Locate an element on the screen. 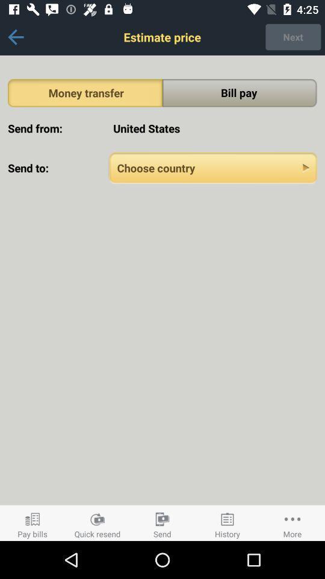 The image size is (325, 579). next item is located at coordinates (292, 37).